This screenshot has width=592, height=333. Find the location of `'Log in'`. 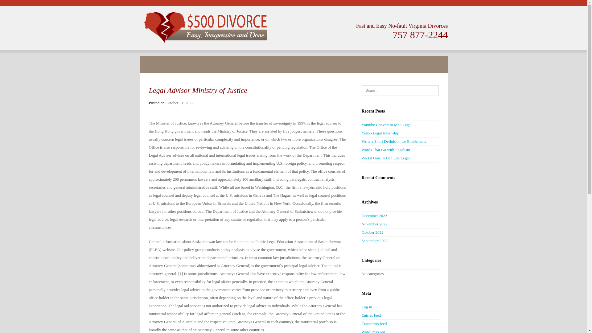

'Log in' is located at coordinates (367, 307).